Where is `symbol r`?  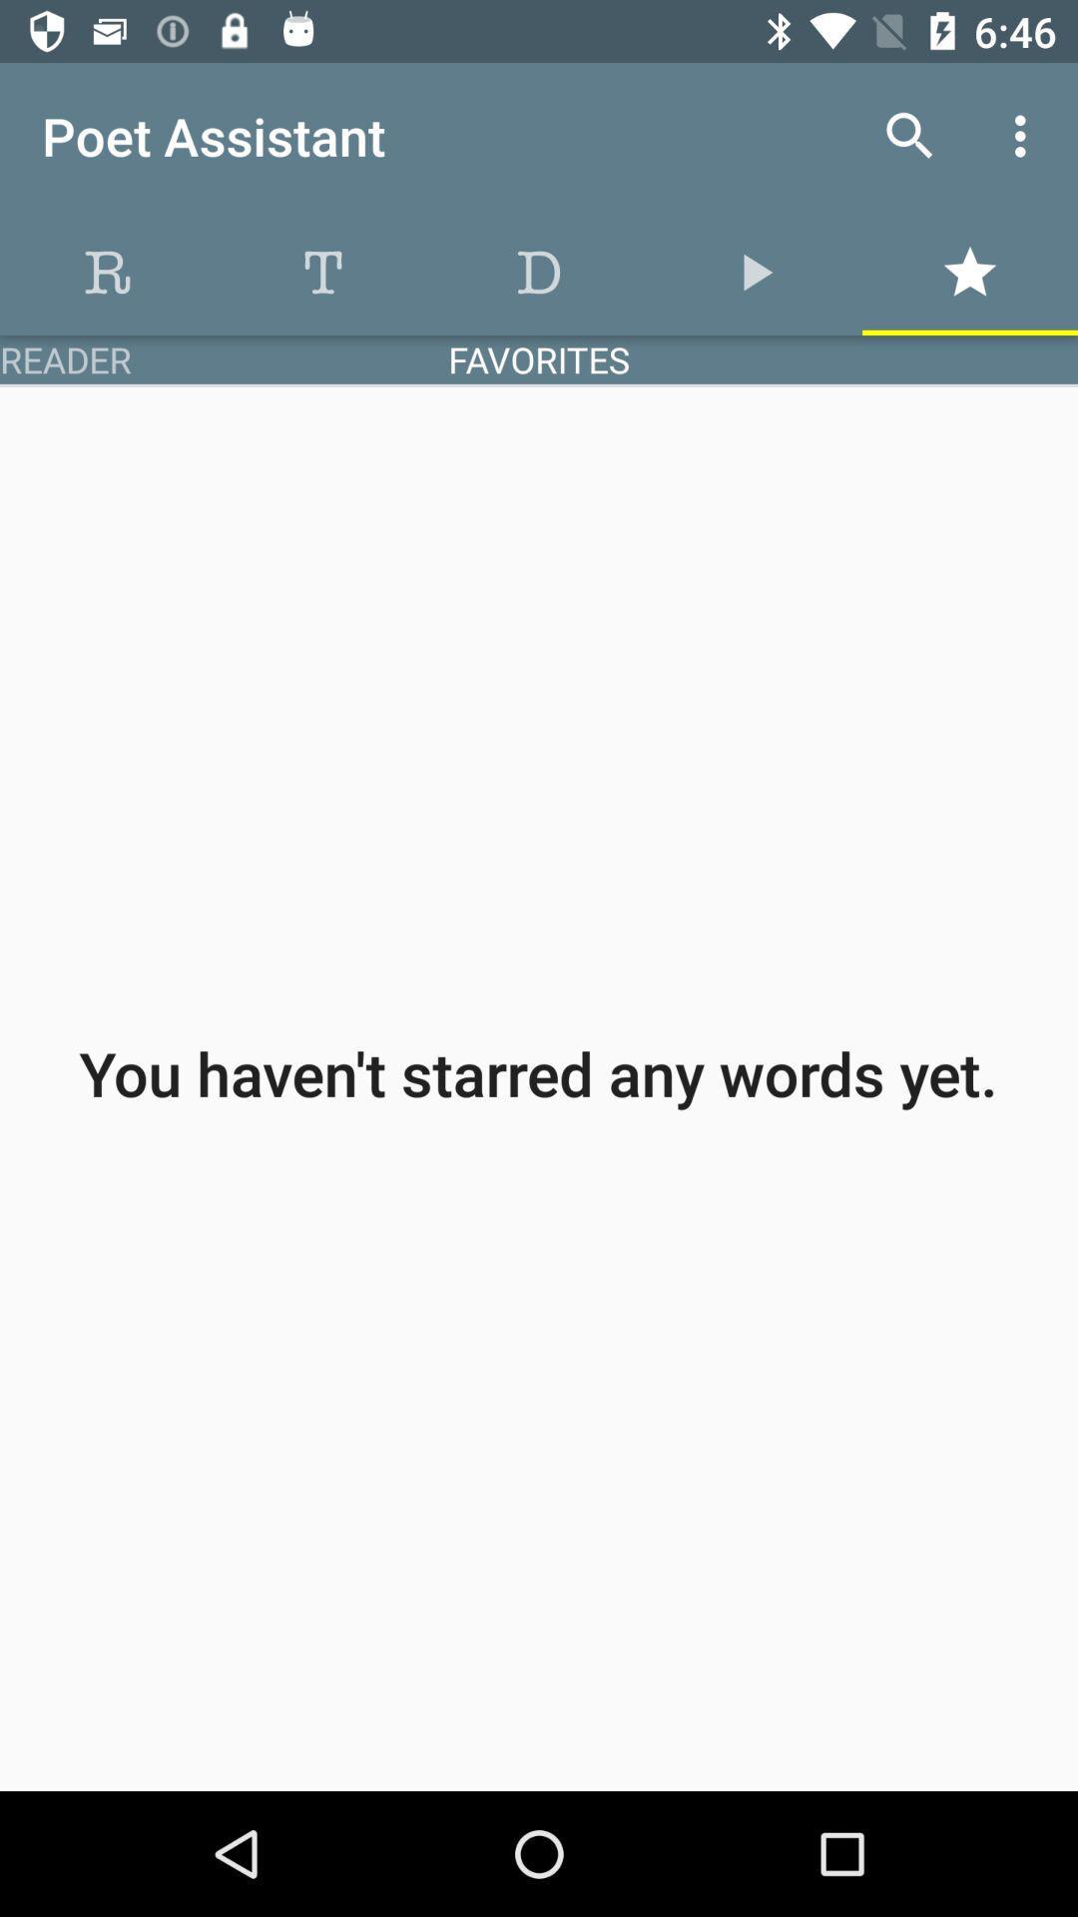
symbol r is located at coordinates (108, 272).